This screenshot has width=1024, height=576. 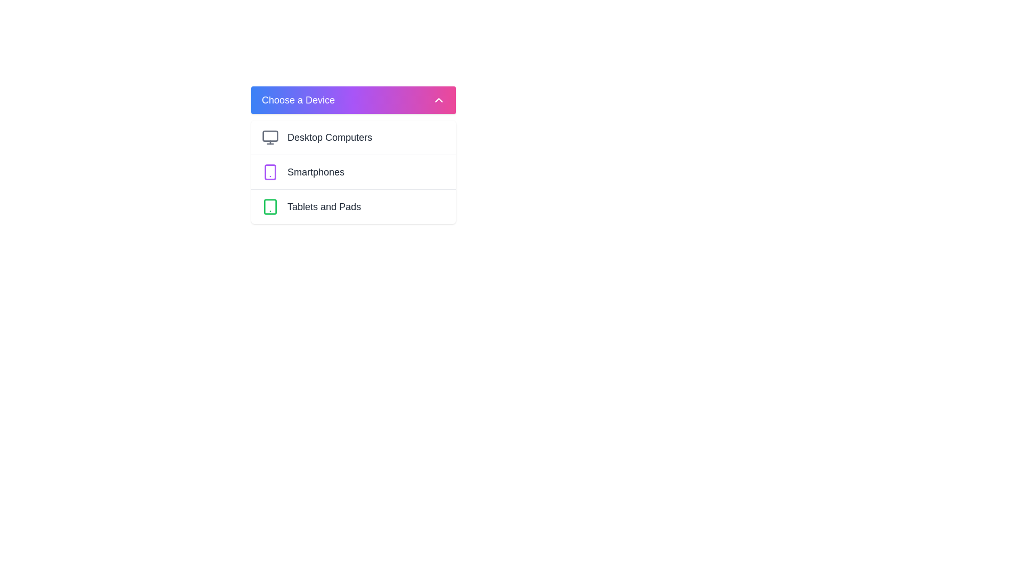 I want to click on the 'Smartphones' category text label in the device selection menu, which is the second item in the list under 'Choose a Device', so click(x=315, y=172).